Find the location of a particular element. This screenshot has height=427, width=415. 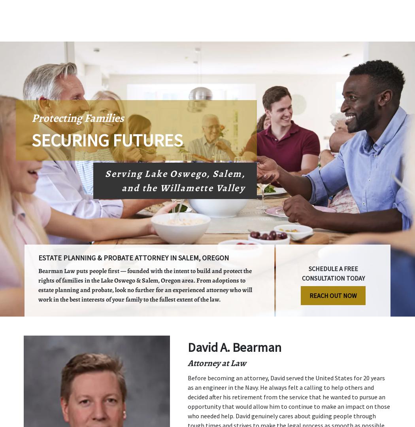

'SUBMIT' is located at coordinates (300, 235).